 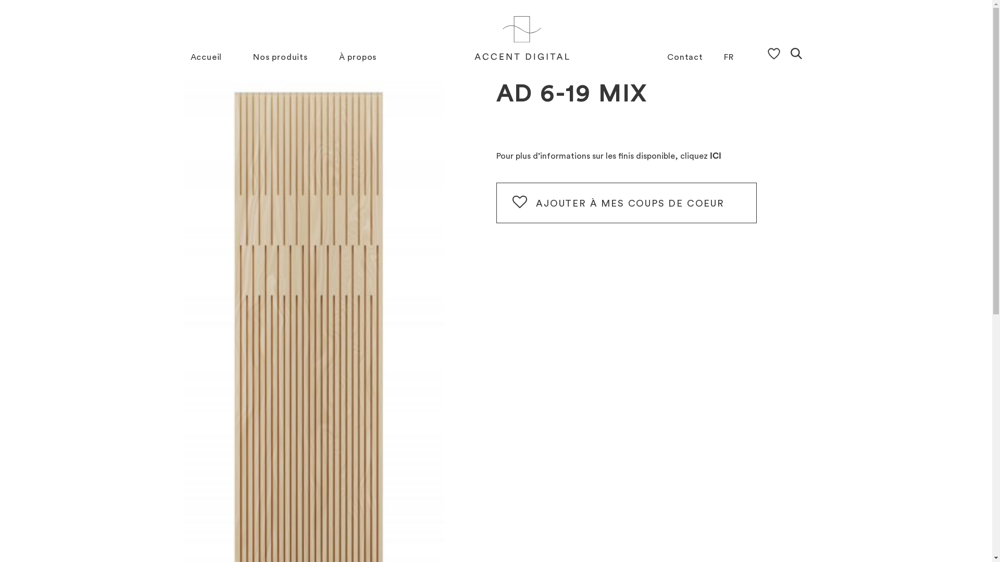 I want to click on 'FR', so click(x=723, y=57).